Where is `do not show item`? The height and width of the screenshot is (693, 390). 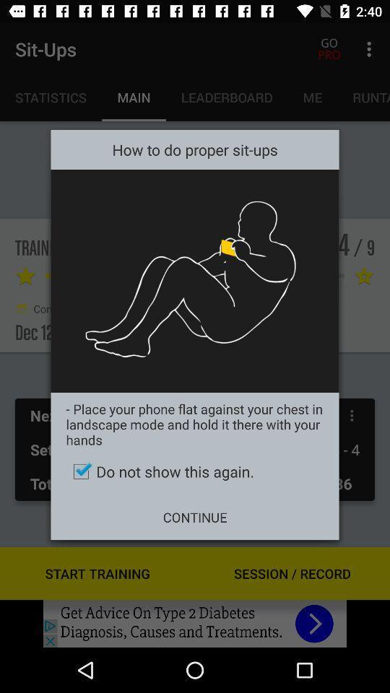 do not show item is located at coordinates (195, 471).